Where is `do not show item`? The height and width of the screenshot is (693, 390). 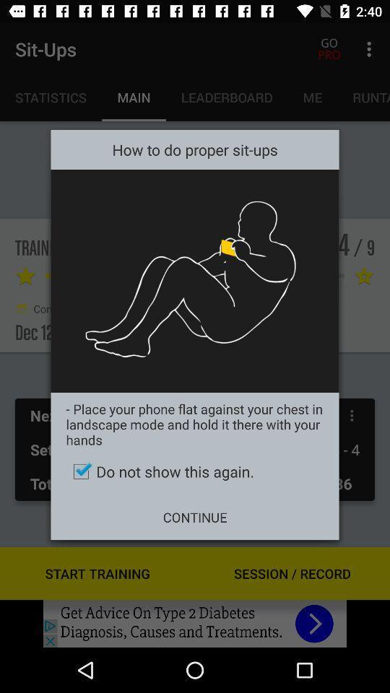 do not show item is located at coordinates (195, 471).